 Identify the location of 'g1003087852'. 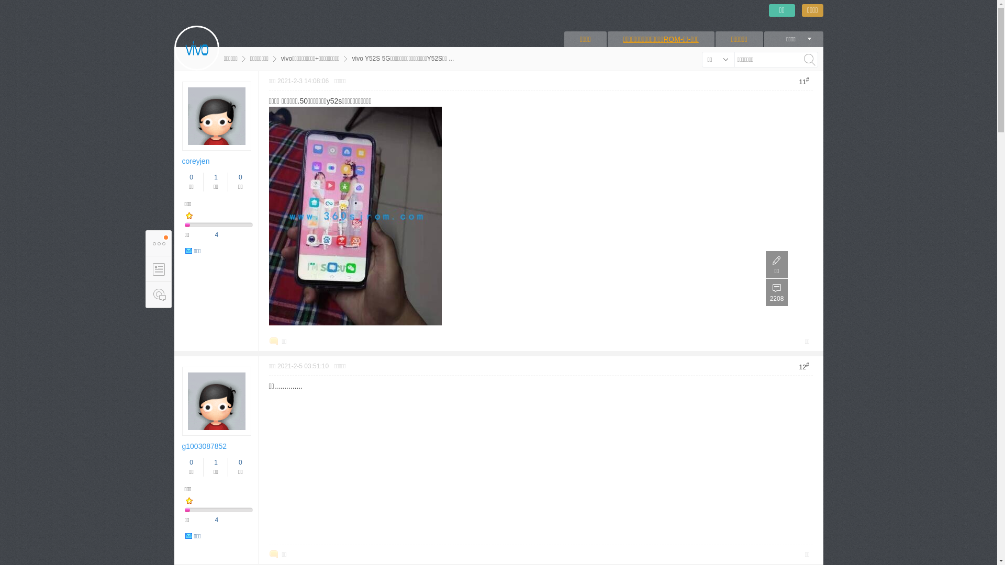
(204, 446).